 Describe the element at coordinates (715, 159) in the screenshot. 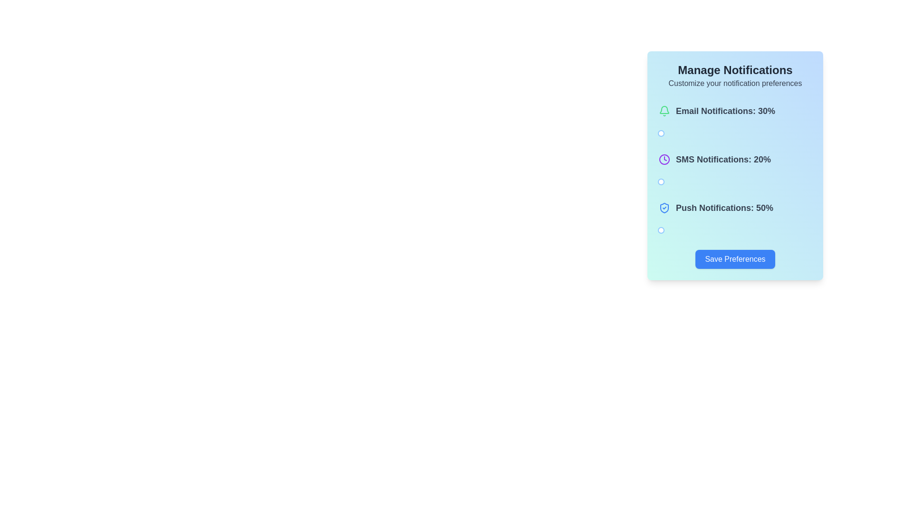

I see `displayed percentage and text information from the informative label showing 'SMS Notifications: 20%' with a clock icon, located in the 'Manage Notifications' section` at that location.